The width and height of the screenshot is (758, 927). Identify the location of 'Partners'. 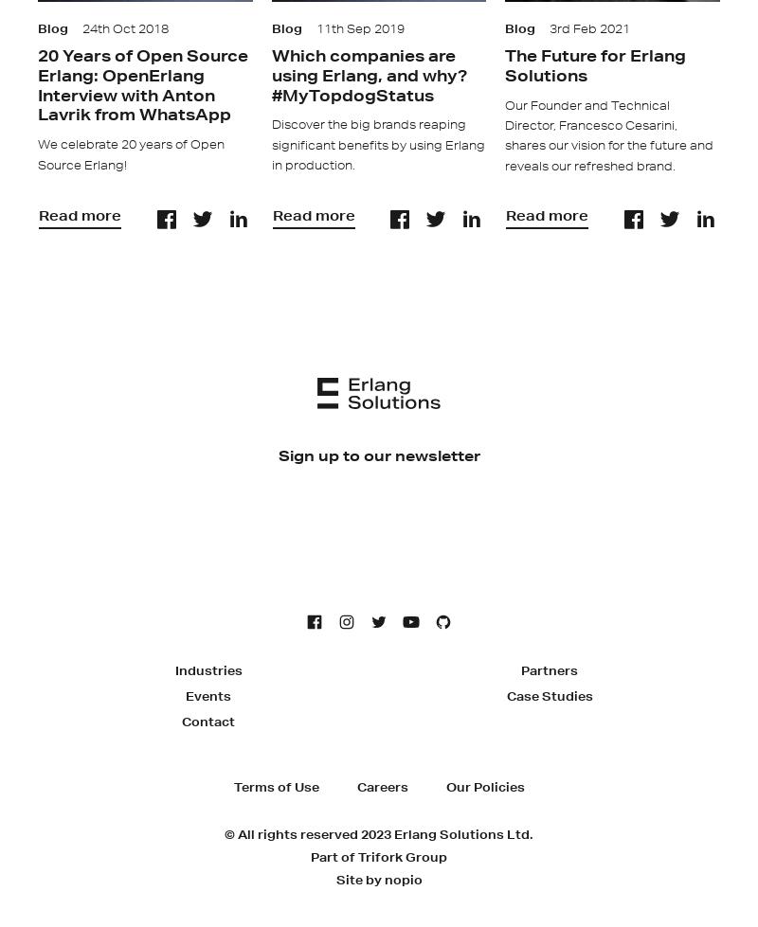
(549, 669).